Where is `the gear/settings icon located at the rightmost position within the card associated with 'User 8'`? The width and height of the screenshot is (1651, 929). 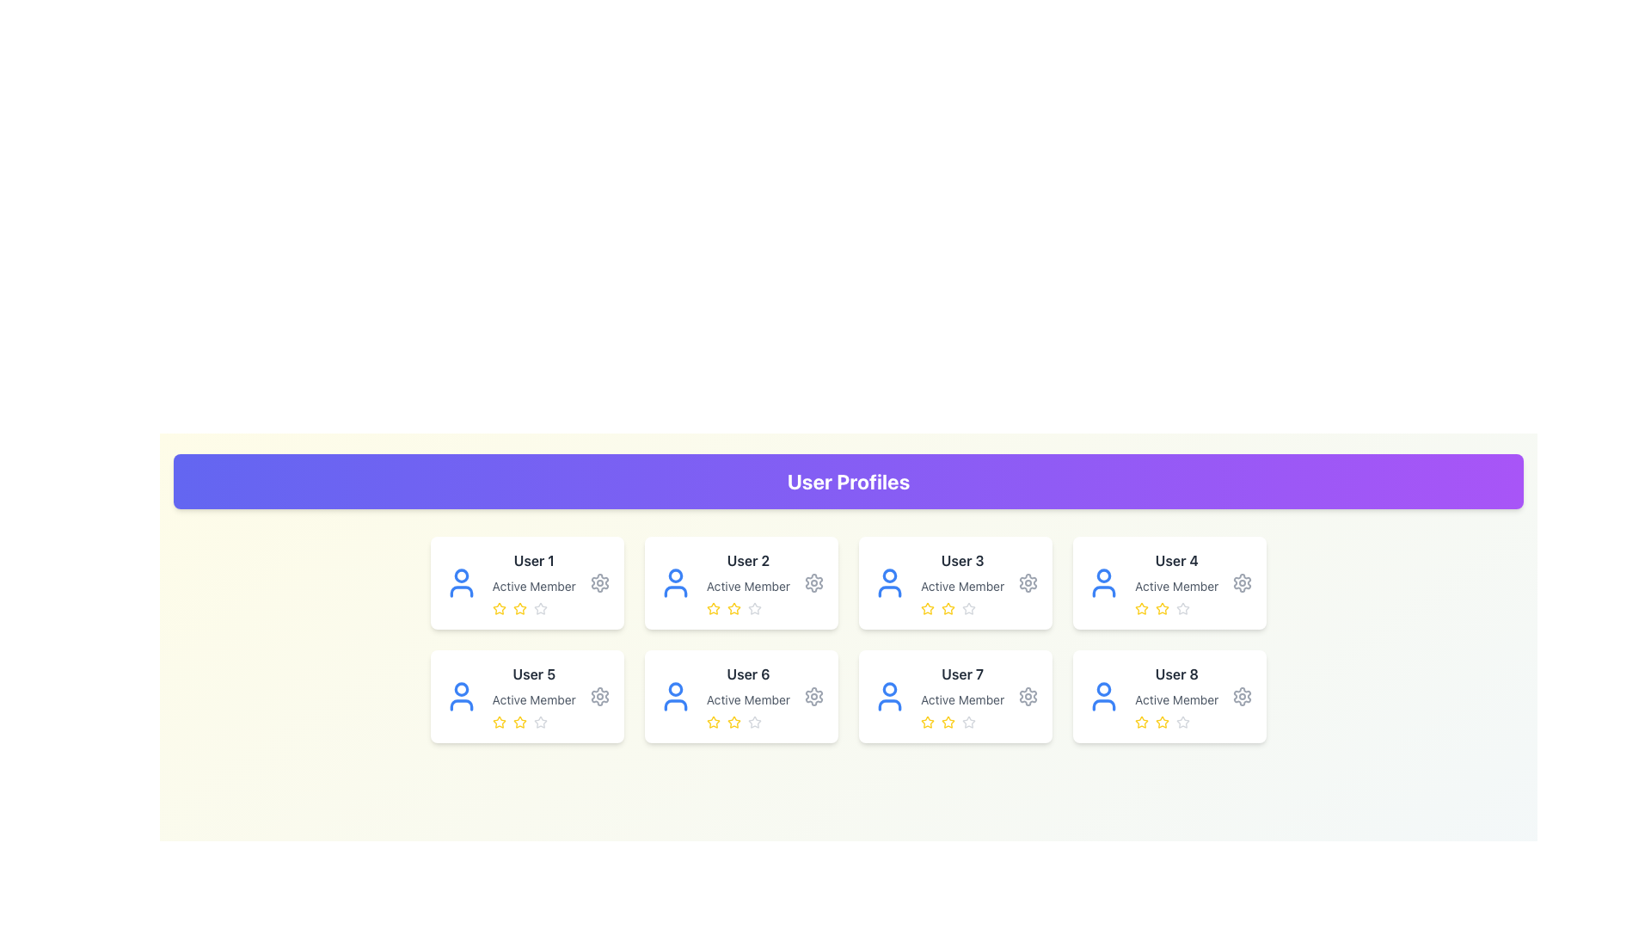 the gear/settings icon located at the rightmost position within the card associated with 'User 8' is located at coordinates (1242, 697).